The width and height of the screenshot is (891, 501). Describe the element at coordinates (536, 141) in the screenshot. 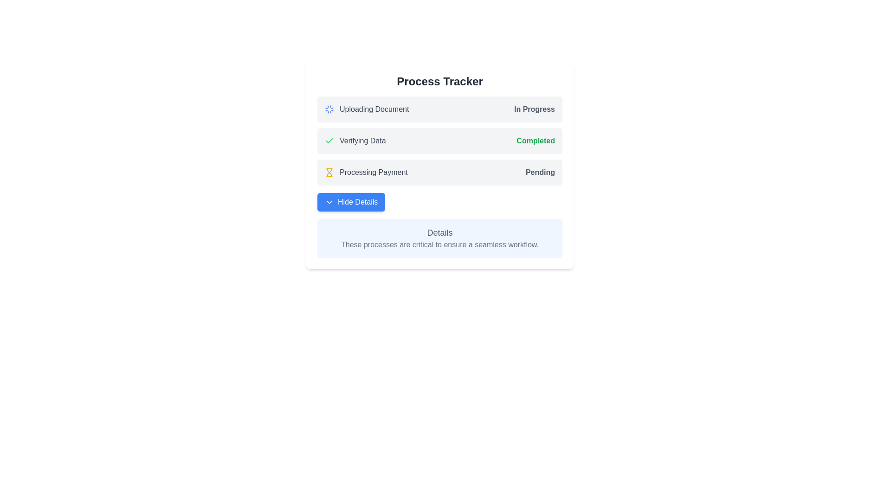

I see `the 'Completed' label element, which is displayed in green with bold font style, located in the 'Verifying Data' row of the process tracker` at that location.